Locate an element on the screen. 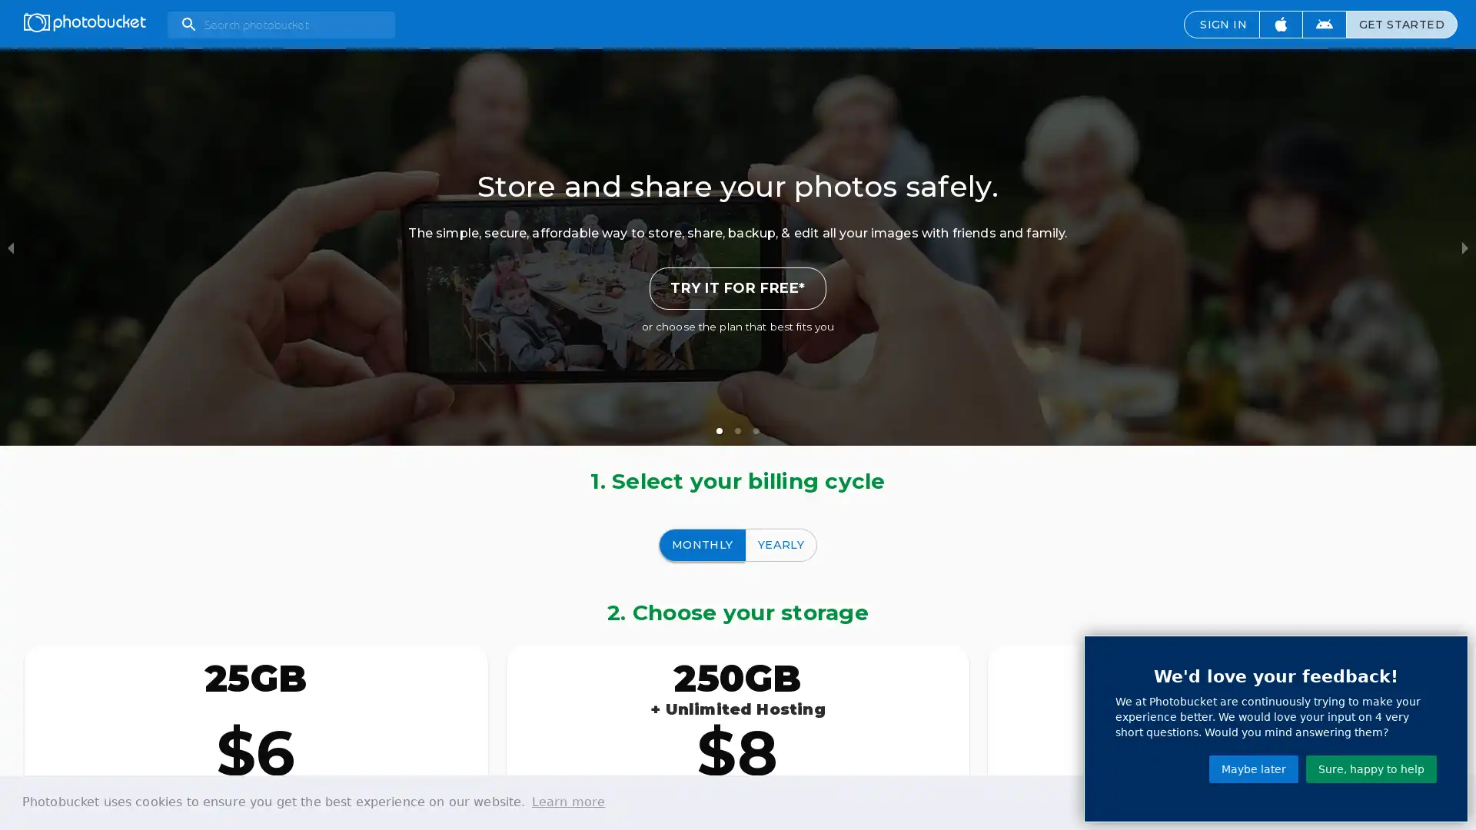 This screenshot has width=1476, height=830. MONTHLY is located at coordinates (700, 544).